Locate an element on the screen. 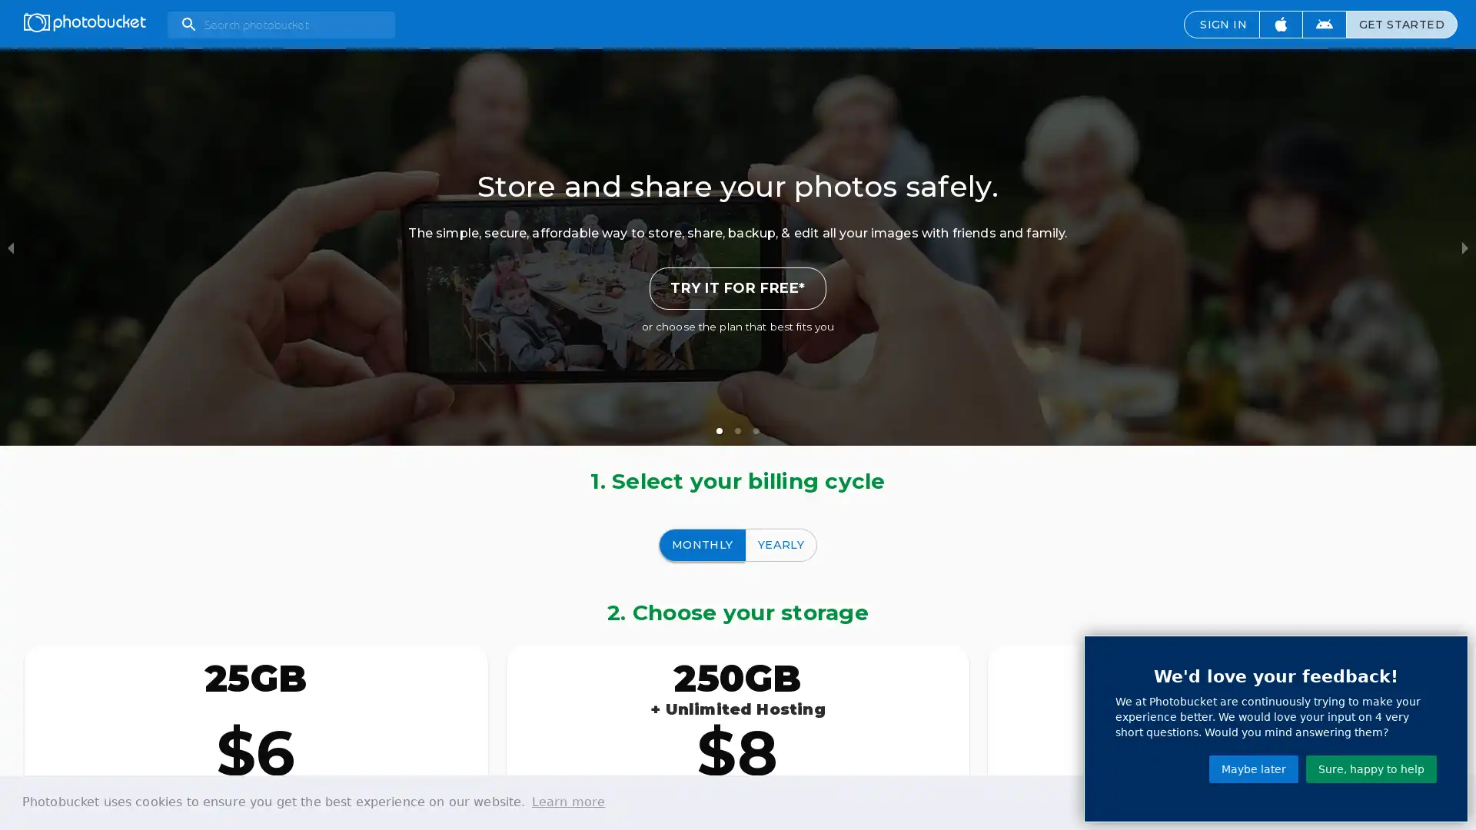 This screenshot has width=1476, height=830. MONTHLY is located at coordinates (700, 544).